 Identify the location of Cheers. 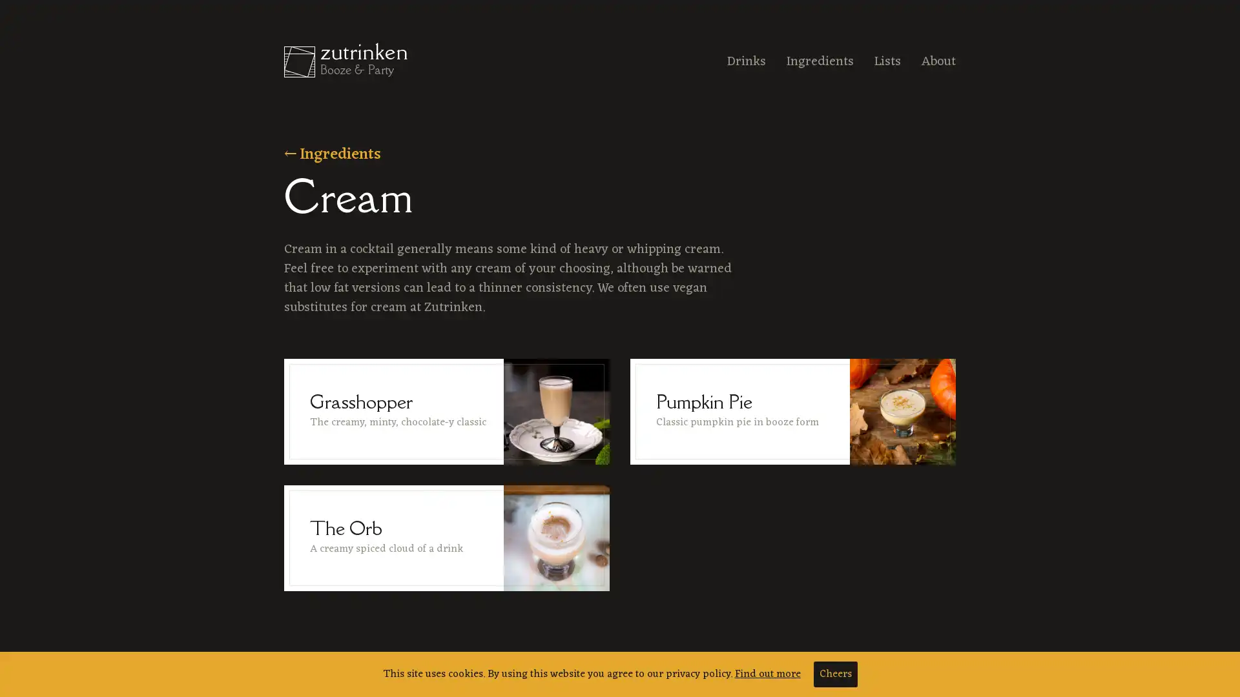
(834, 674).